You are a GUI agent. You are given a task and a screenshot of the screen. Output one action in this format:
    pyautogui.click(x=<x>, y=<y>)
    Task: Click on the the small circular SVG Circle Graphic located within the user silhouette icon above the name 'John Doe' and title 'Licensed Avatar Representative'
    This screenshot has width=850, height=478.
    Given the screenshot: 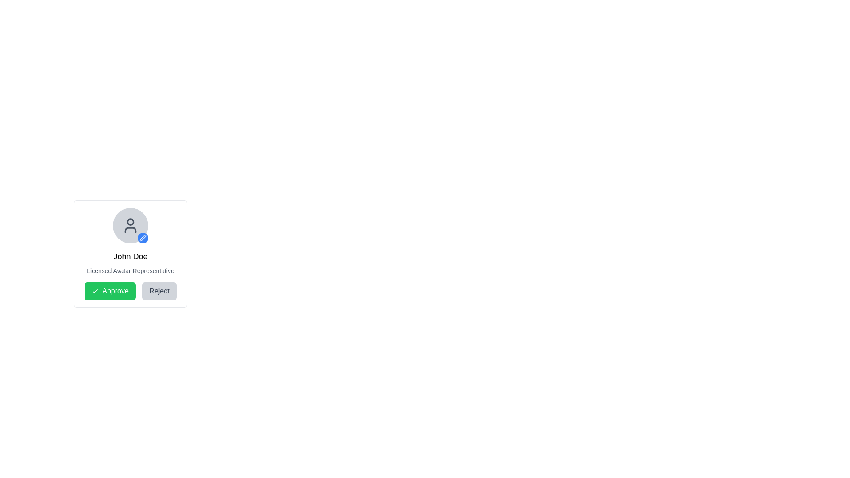 What is the action you would take?
    pyautogui.click(x=130, y=221)
    